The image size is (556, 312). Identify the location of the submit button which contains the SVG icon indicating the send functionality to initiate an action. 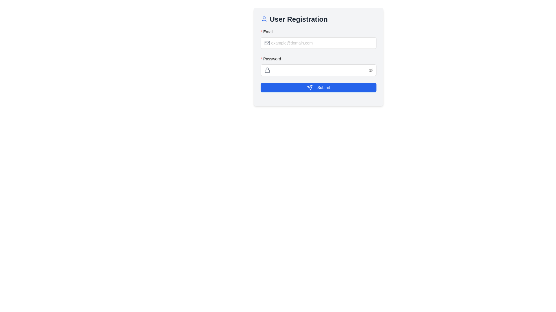
(309, 88).